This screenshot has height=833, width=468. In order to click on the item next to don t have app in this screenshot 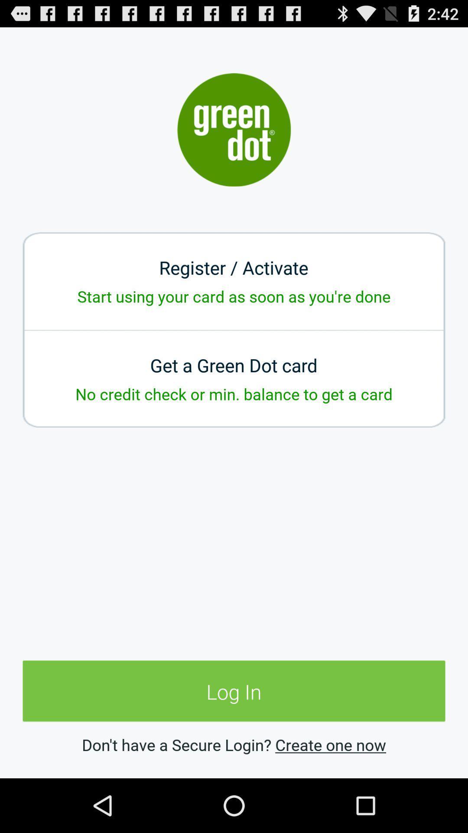, I will do `click(331, 744)`.